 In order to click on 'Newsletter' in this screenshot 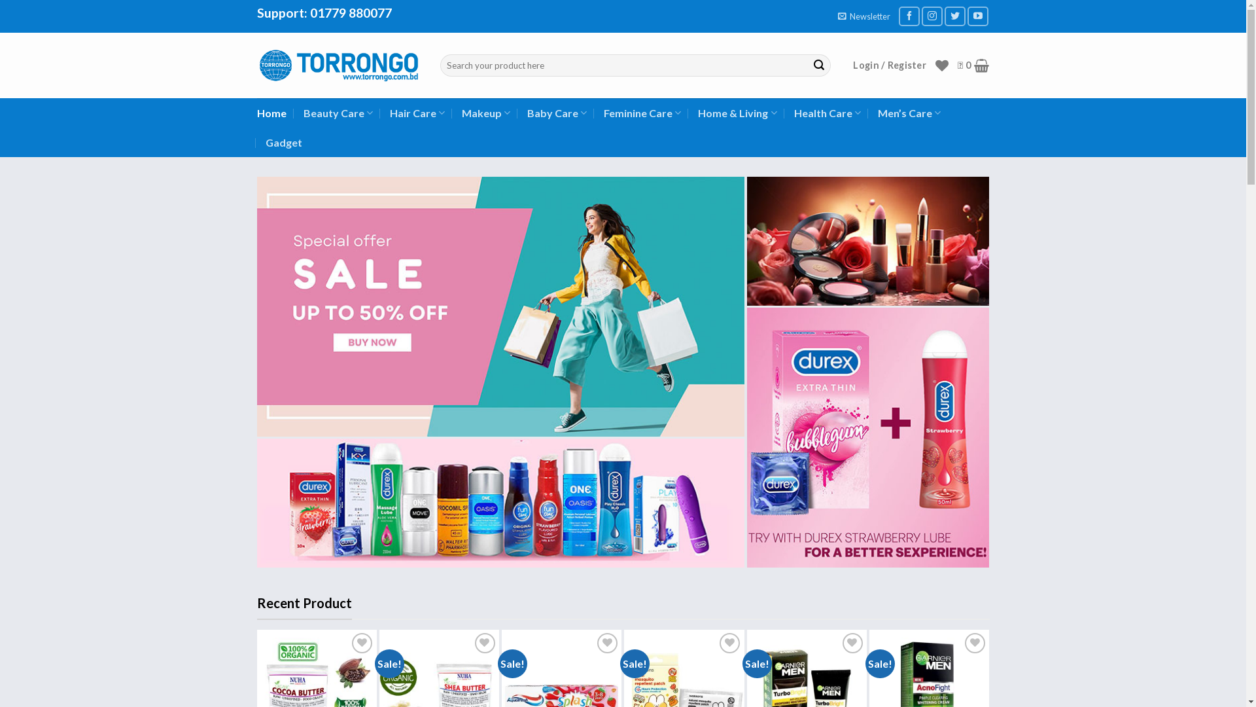, I will do `click(863, 16)`.